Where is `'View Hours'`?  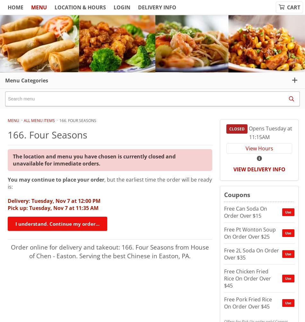
'View Hours' is located at coordinates (259, 148).